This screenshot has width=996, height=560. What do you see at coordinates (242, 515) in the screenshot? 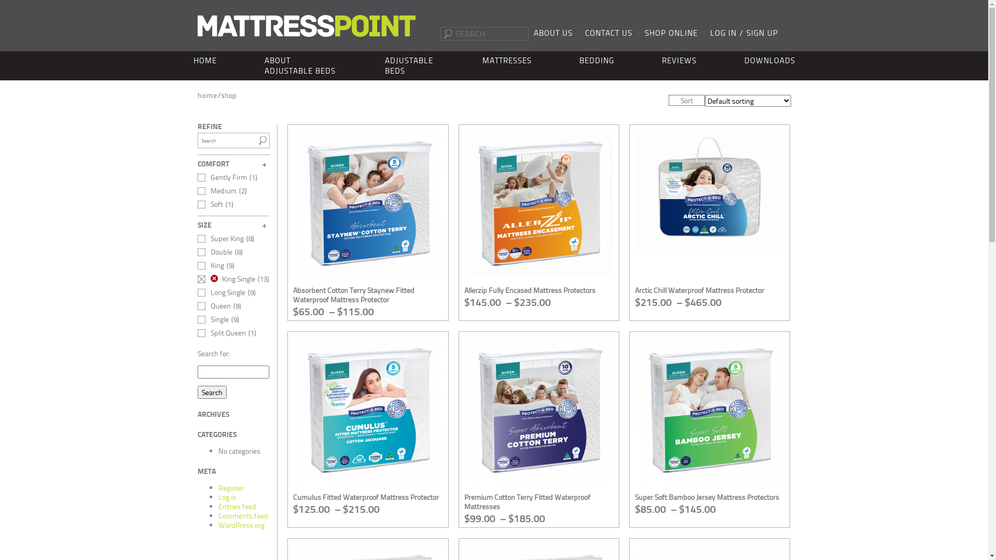
I see `'Comments feed'` at bounding box center [242, 515].